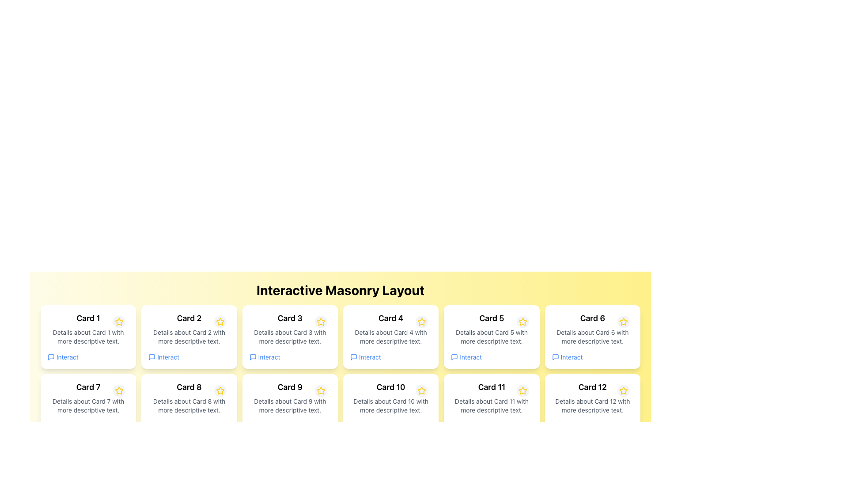  What do you see at coordinates (491, 318) in the screenshot?
I see `the text label displaying 'Card 5', which is styled with a large, bold font and located in the third card of the second row in a grid layout` at bounding box center [491, 318].